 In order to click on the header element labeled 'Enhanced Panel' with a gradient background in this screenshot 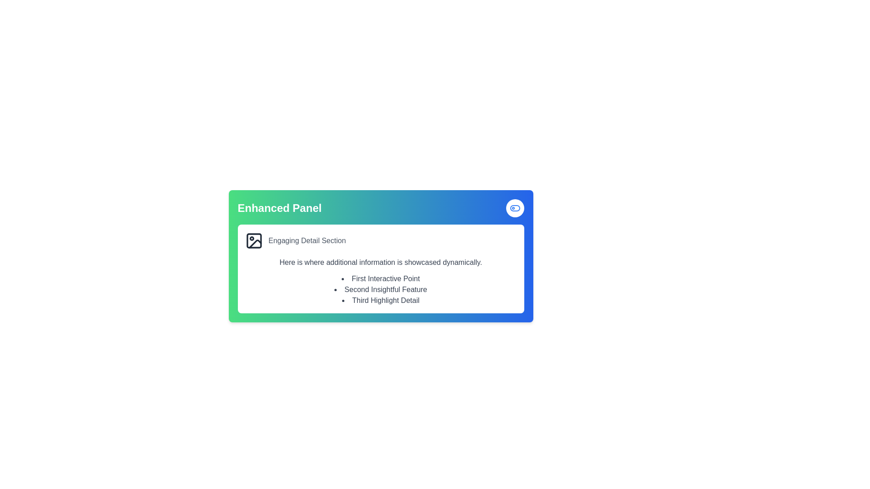, I will do `click(381, 208)`.